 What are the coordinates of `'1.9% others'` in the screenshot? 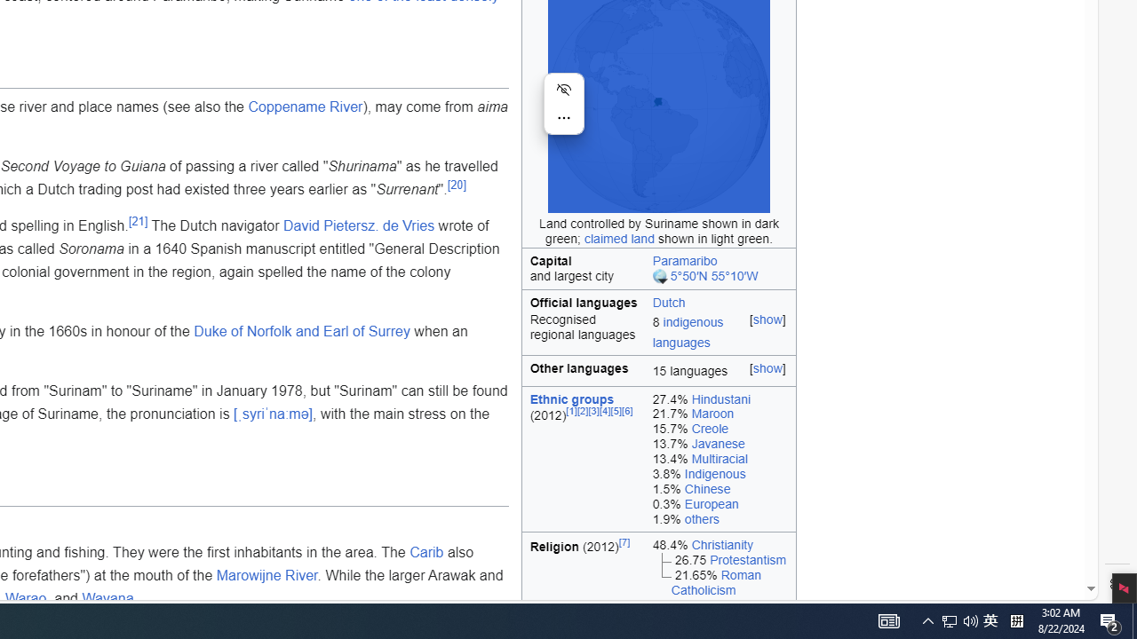 It's located at (720, 519).